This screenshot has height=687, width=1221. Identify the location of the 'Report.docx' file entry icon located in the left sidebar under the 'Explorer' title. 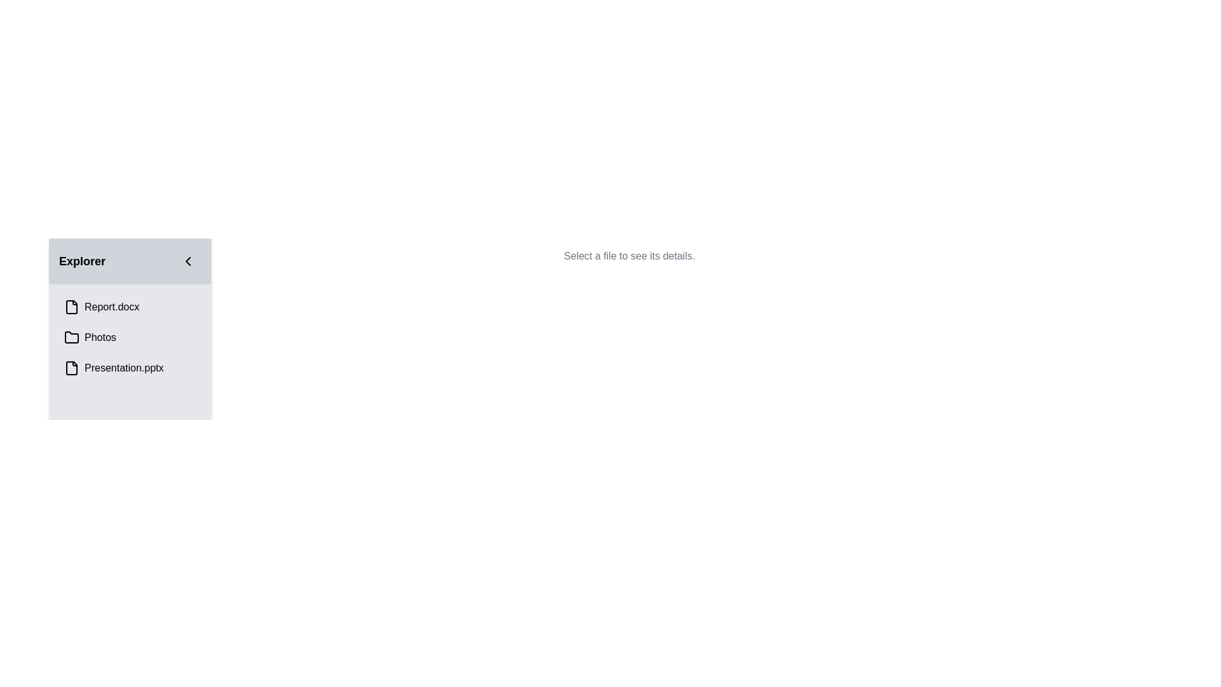
(71, 307).